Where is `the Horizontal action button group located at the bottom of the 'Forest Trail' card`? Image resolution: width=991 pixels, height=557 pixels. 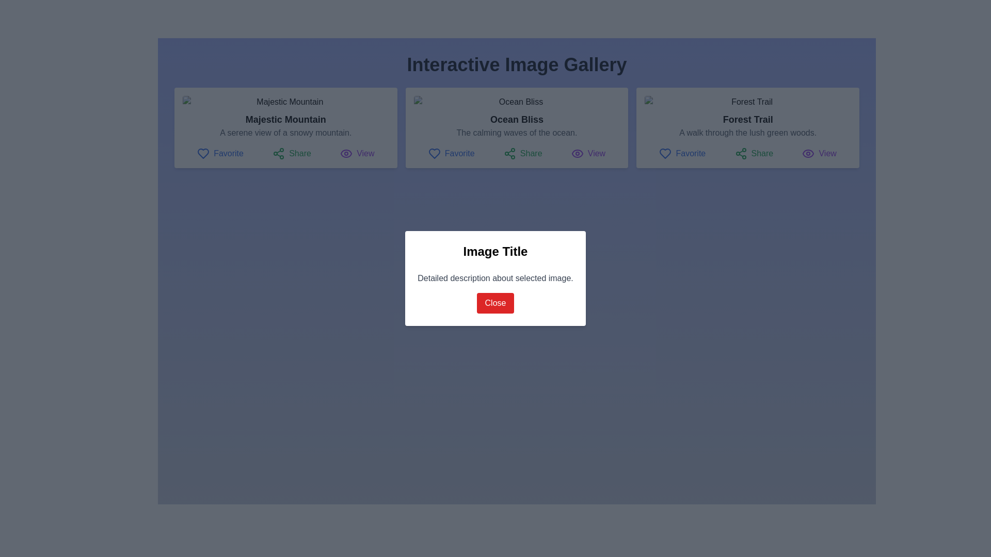 the Horizontal action button group located at the bottom of the 'Forest Trail' card is located at coordinates (748, 153).